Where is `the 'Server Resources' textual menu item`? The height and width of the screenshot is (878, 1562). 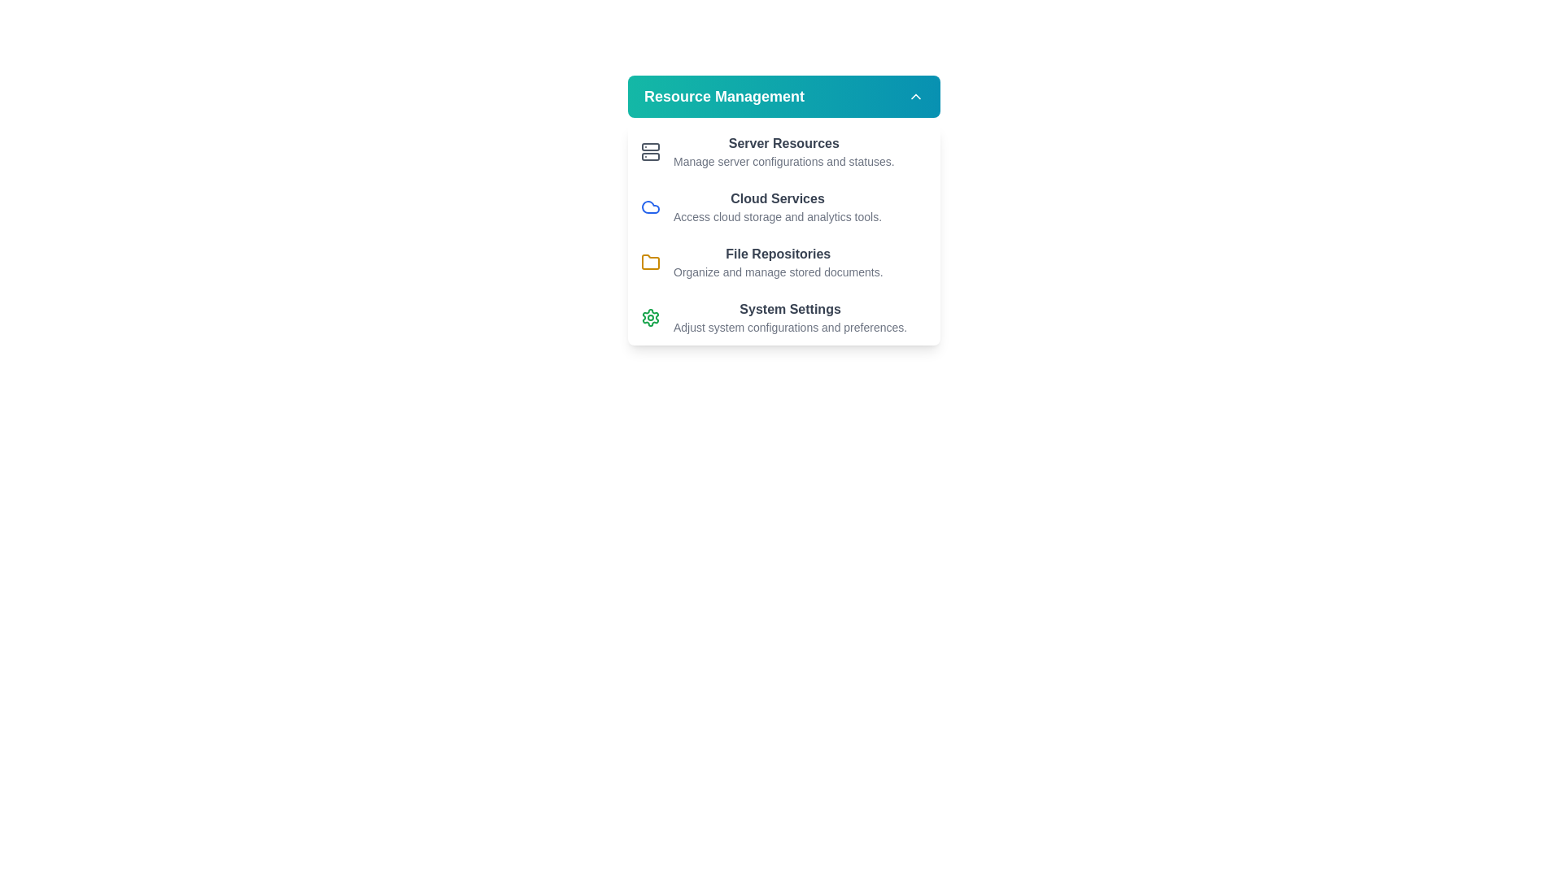 the 'Server Resources' textual menu item is located at coordinates (783, 151).